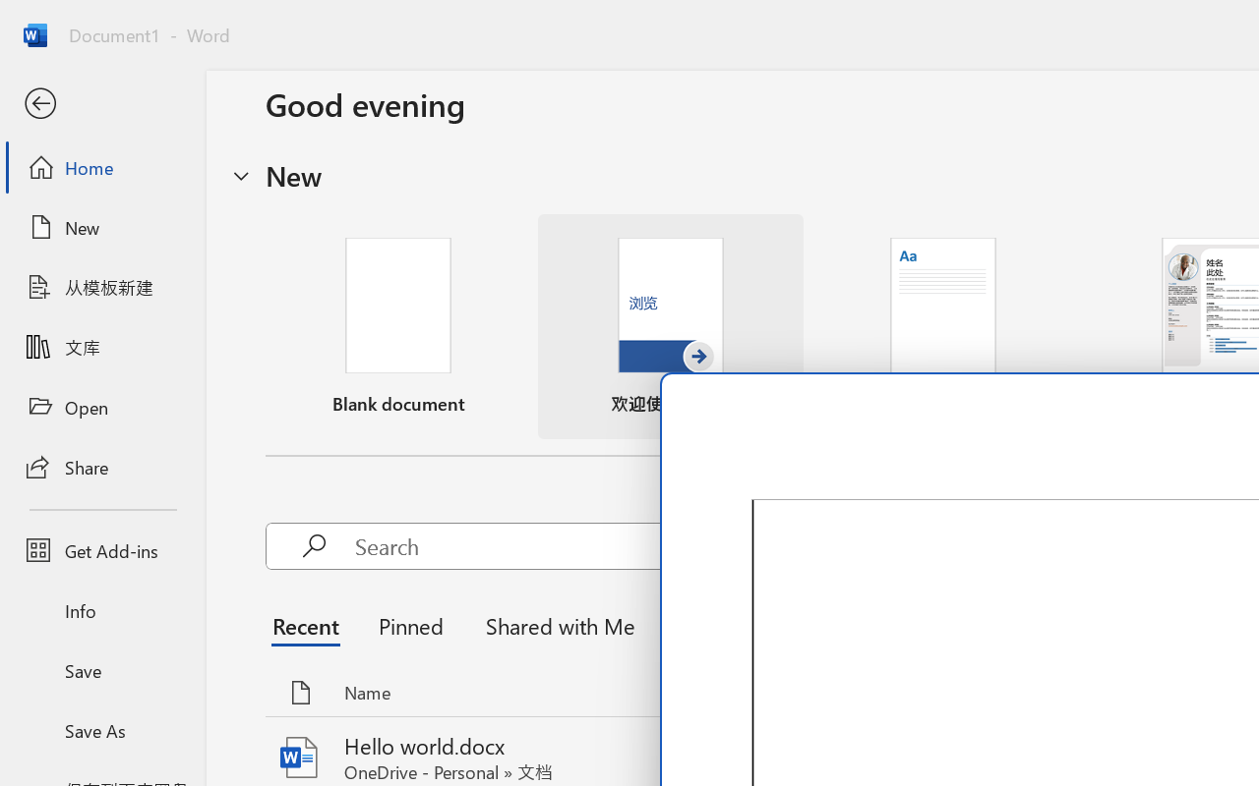 Image resolution: width=1259 pixels, height=786 pixels. I want to click on 'Back', so click(101, 103).